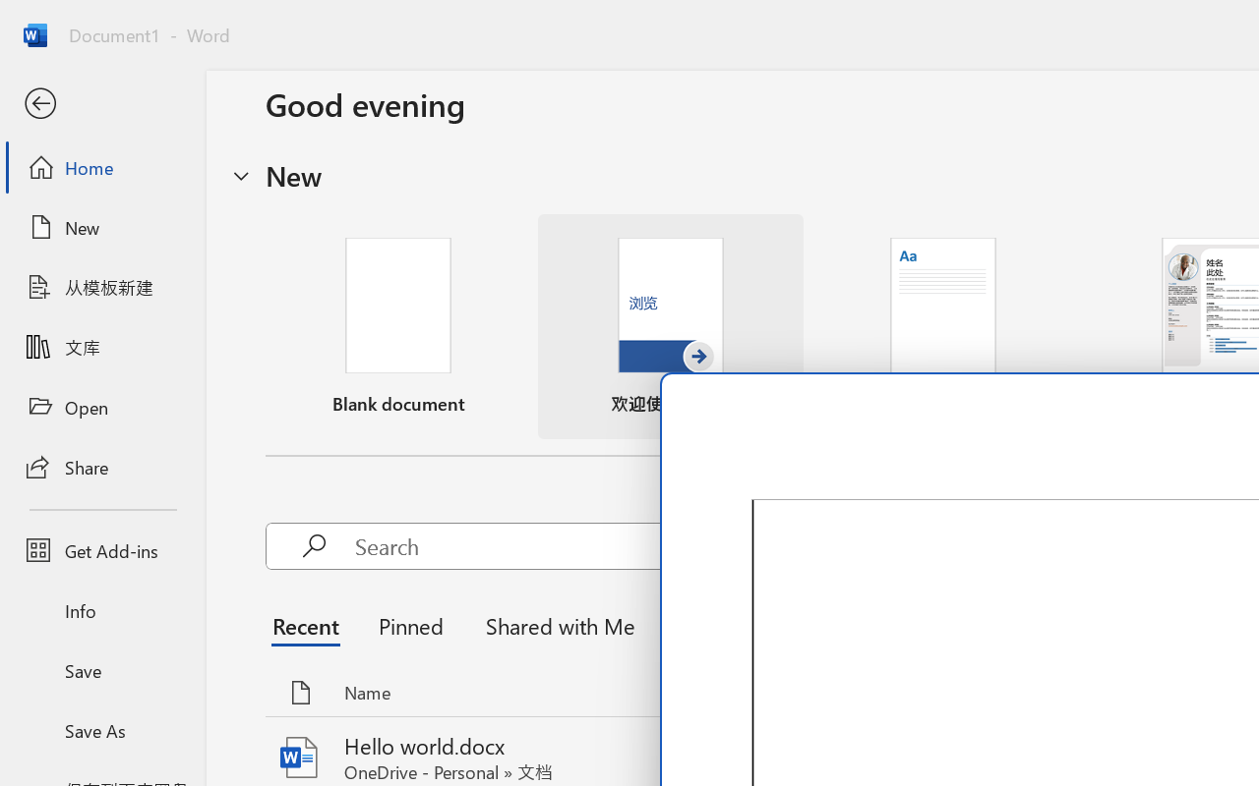 Image resolution: width=1259 pixels, height=786 pixels. I want to click on 'Back', so click(101, 103).